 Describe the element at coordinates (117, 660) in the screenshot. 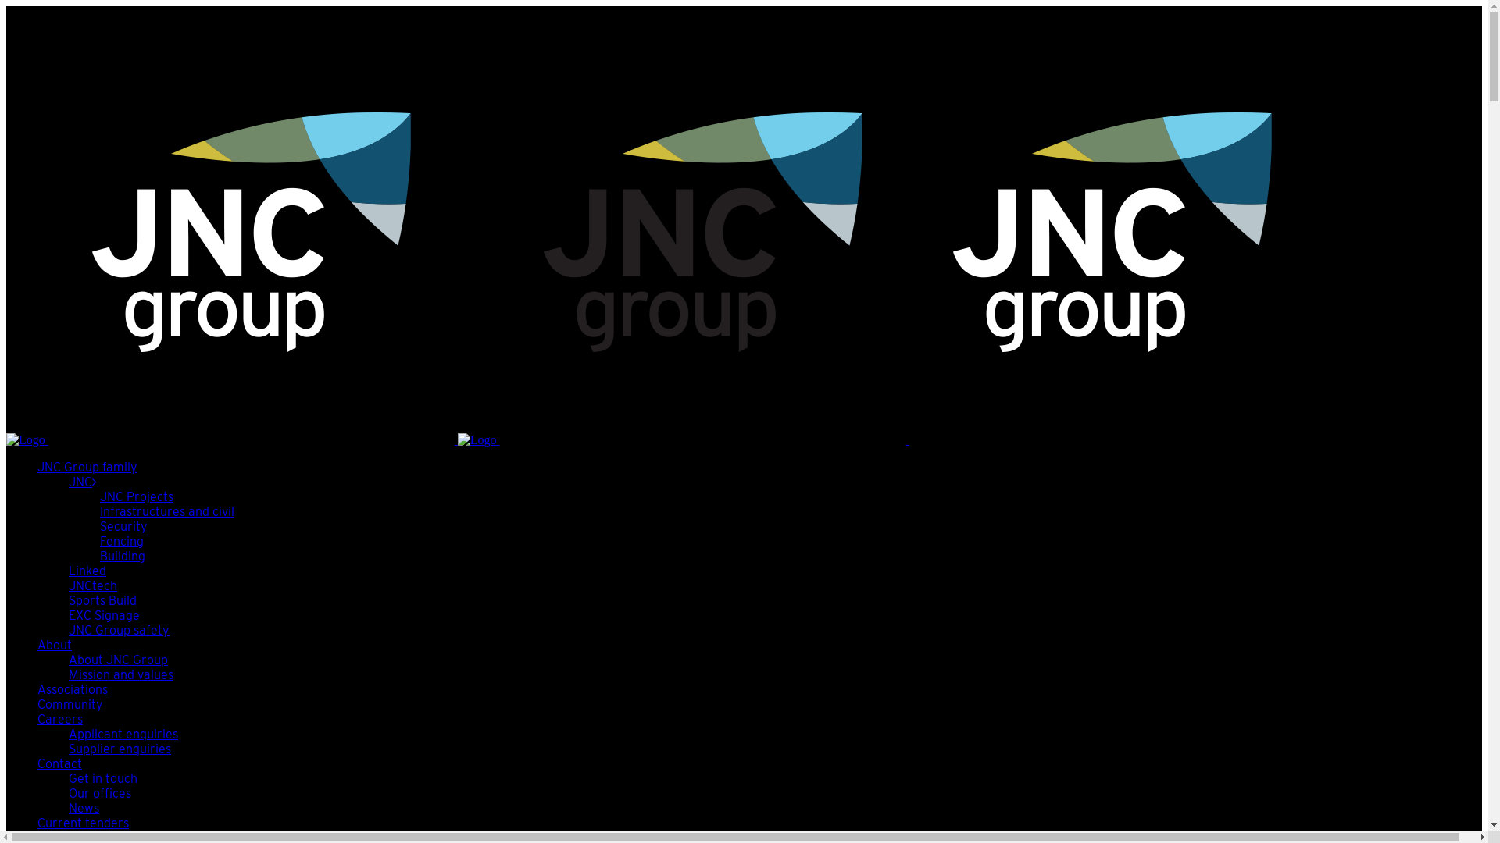

I see `'About JNC Group'` at that location.